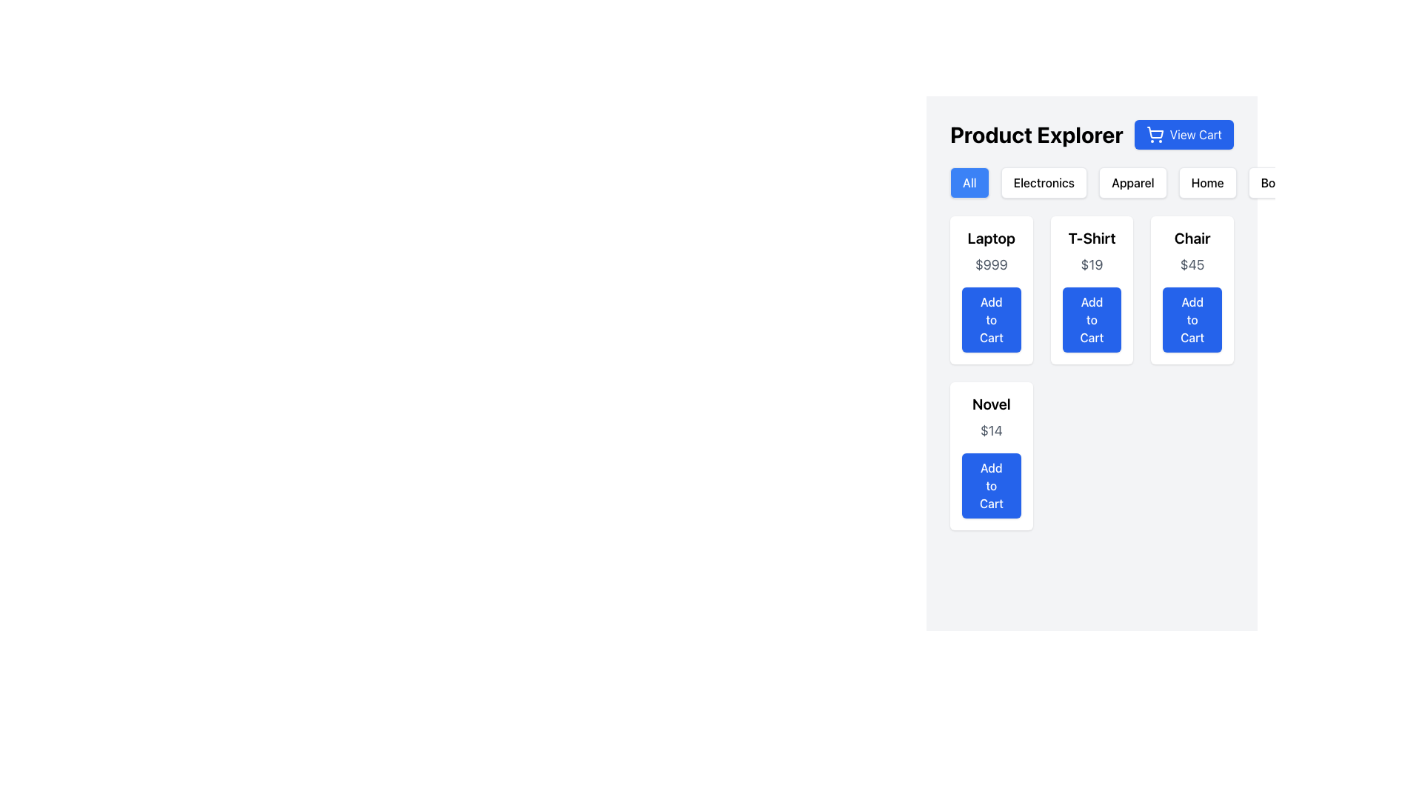 The height and width of the screenshot is (800, 1422). Describe the element at coordinates (991, 237) in the screenshot. I see `the text label displaying 'Laptop' in bold, large font, which is located above the price and 'Add to Cart' button in the top-left corner of the grid layout` at that location.